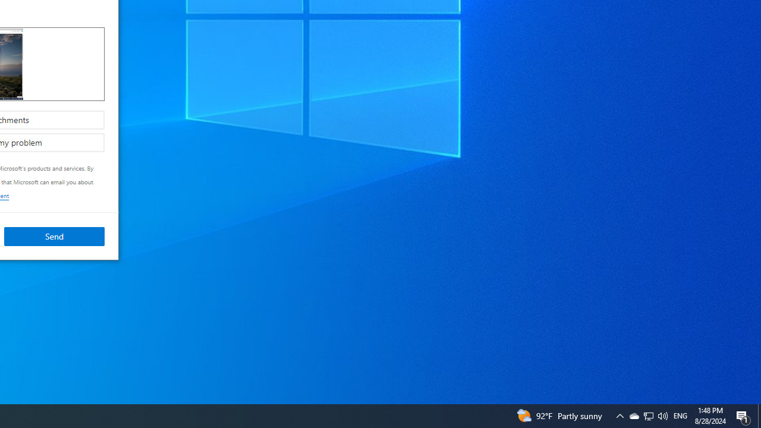 The height and width of the screenshot is (428, 761). What do you see at coordinates (743, 415) in the screenshot?
I see `'Show desktop'` at bounding box center [743, 415].